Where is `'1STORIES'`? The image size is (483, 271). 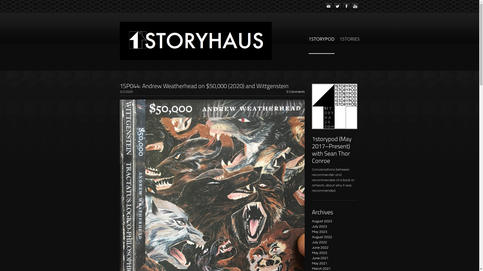
'1STORIES' is located at coordinates (349, 44).